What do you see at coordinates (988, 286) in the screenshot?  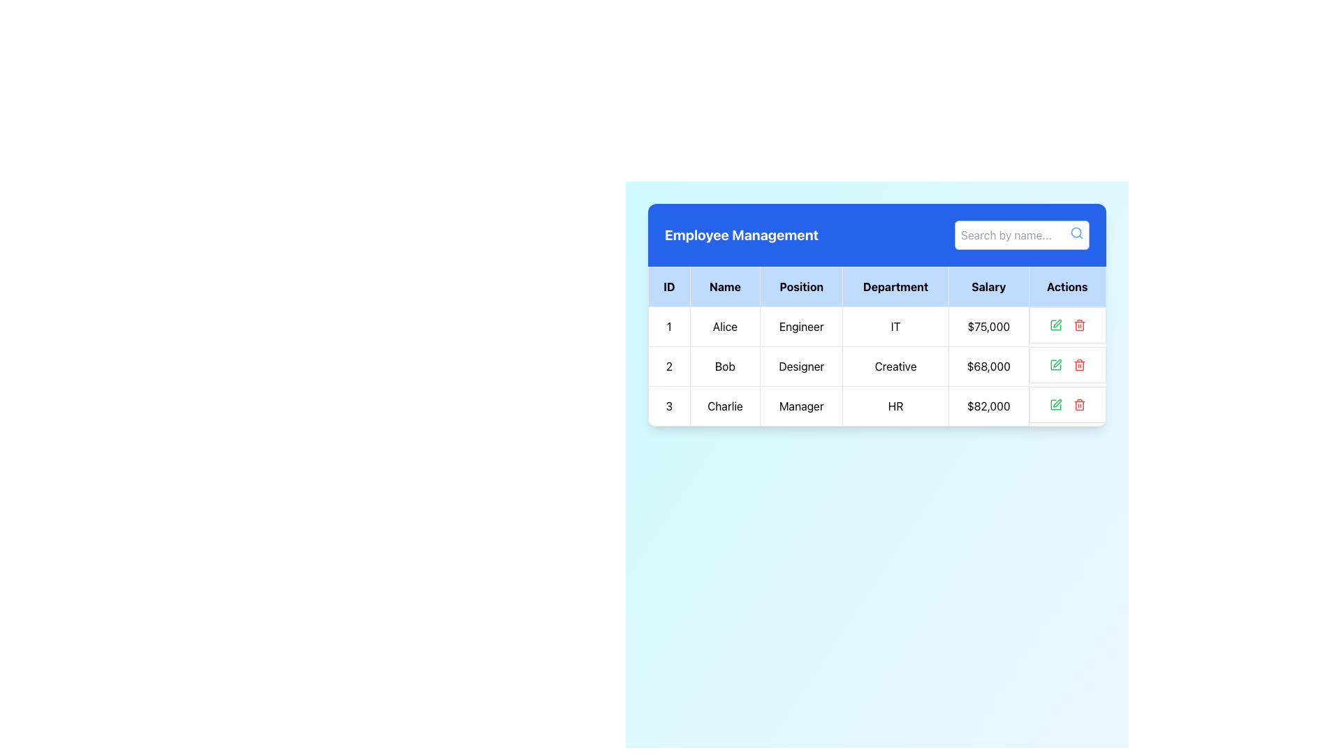 I see `the fifth column header of the table that labels the salary data for employees, located between 'Department' and 'Actions' in the Employee Management table` at bounding box center [988, 286].